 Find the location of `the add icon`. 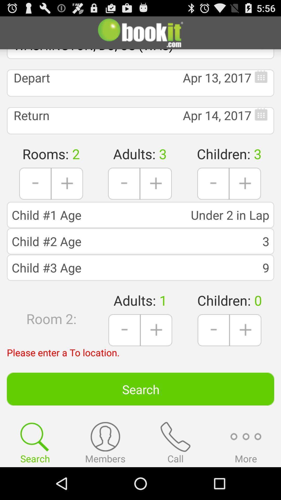

the add icon is located at coordinates (155, 196).